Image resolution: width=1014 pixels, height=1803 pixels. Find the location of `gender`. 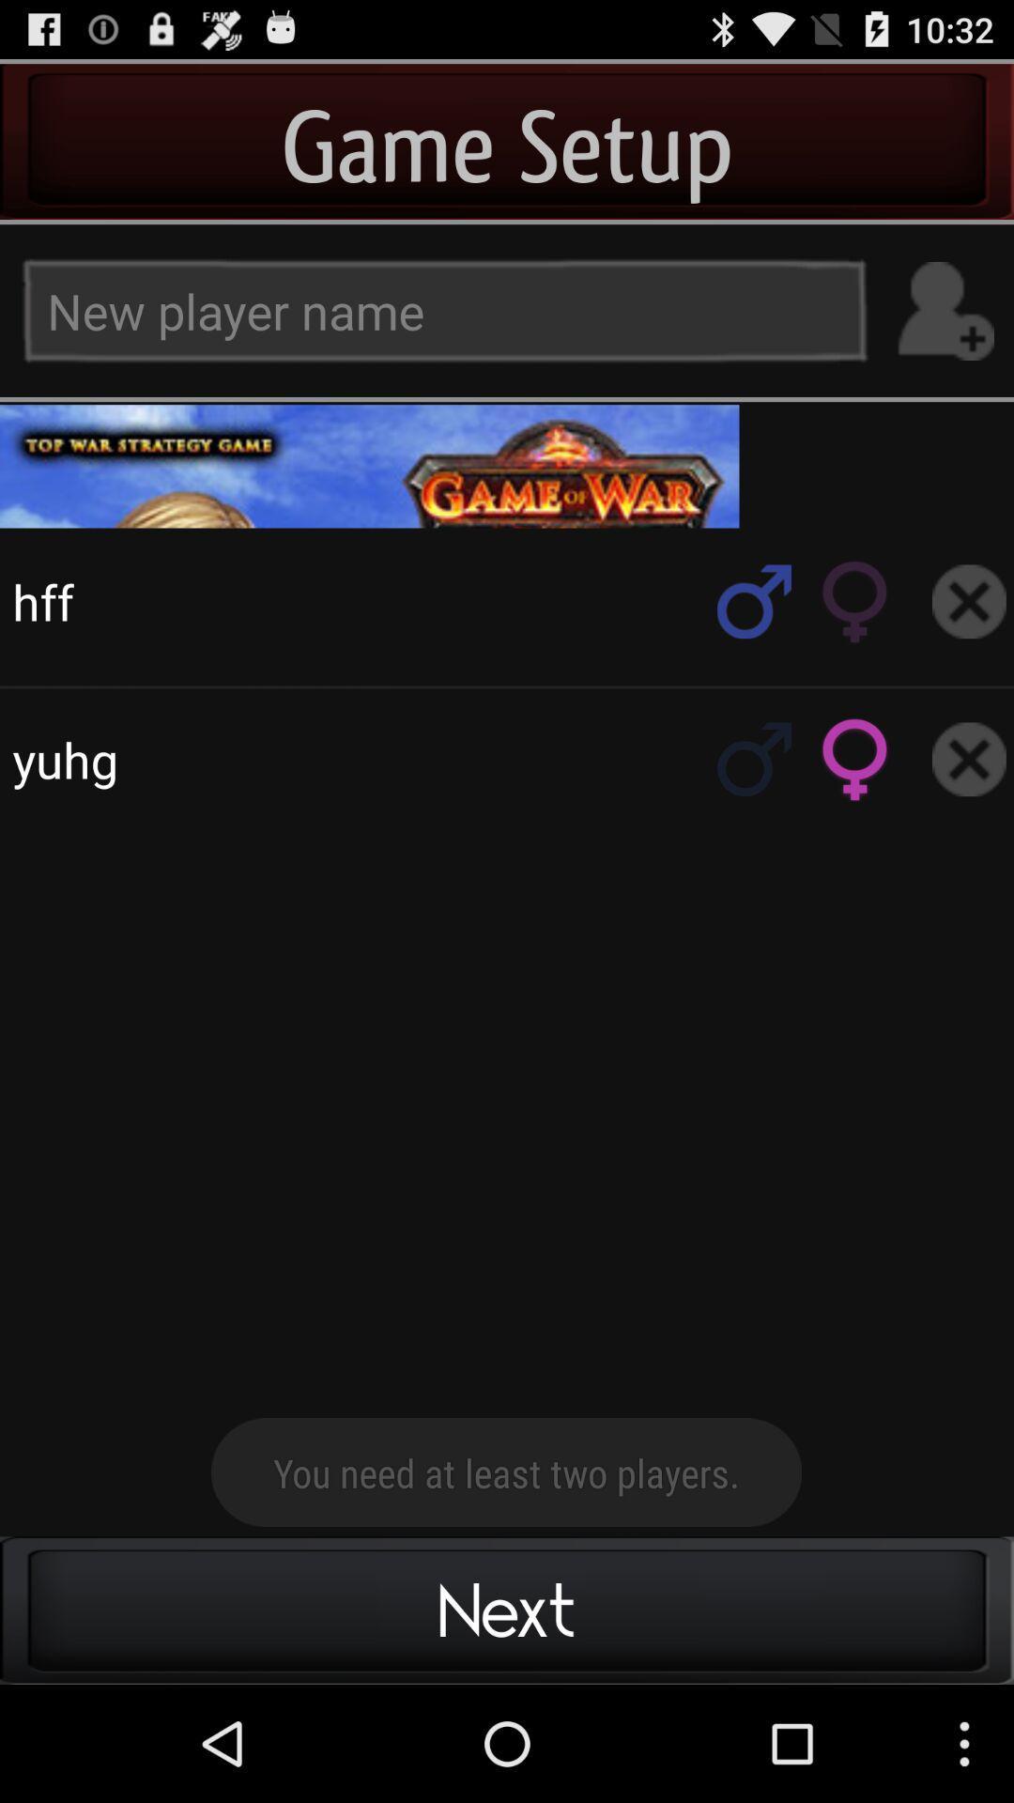

gender is located at coordinates (753, 601).